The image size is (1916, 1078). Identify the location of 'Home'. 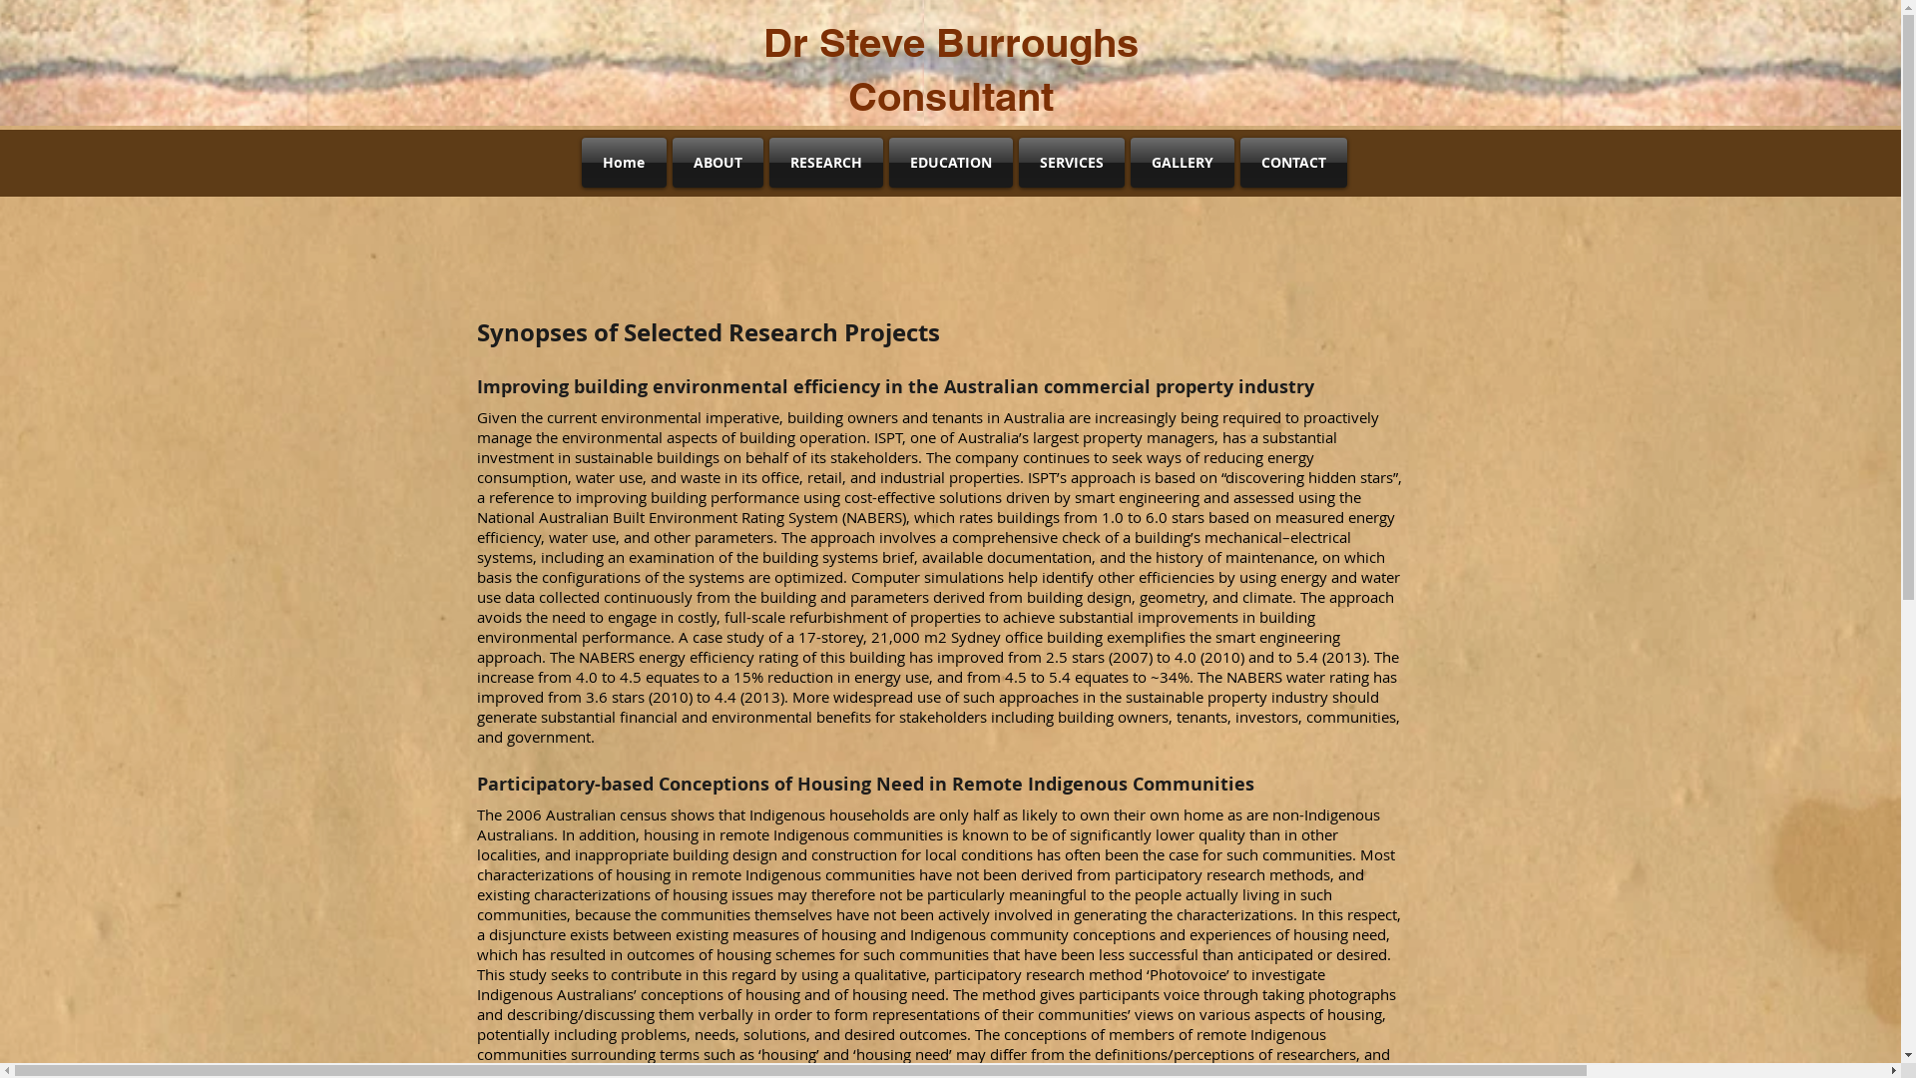
(579, 161).